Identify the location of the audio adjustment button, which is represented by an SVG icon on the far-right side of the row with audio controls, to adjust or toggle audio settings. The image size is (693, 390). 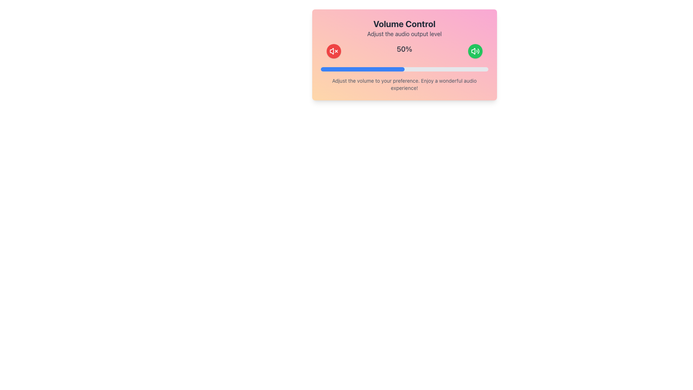
(475, 51).